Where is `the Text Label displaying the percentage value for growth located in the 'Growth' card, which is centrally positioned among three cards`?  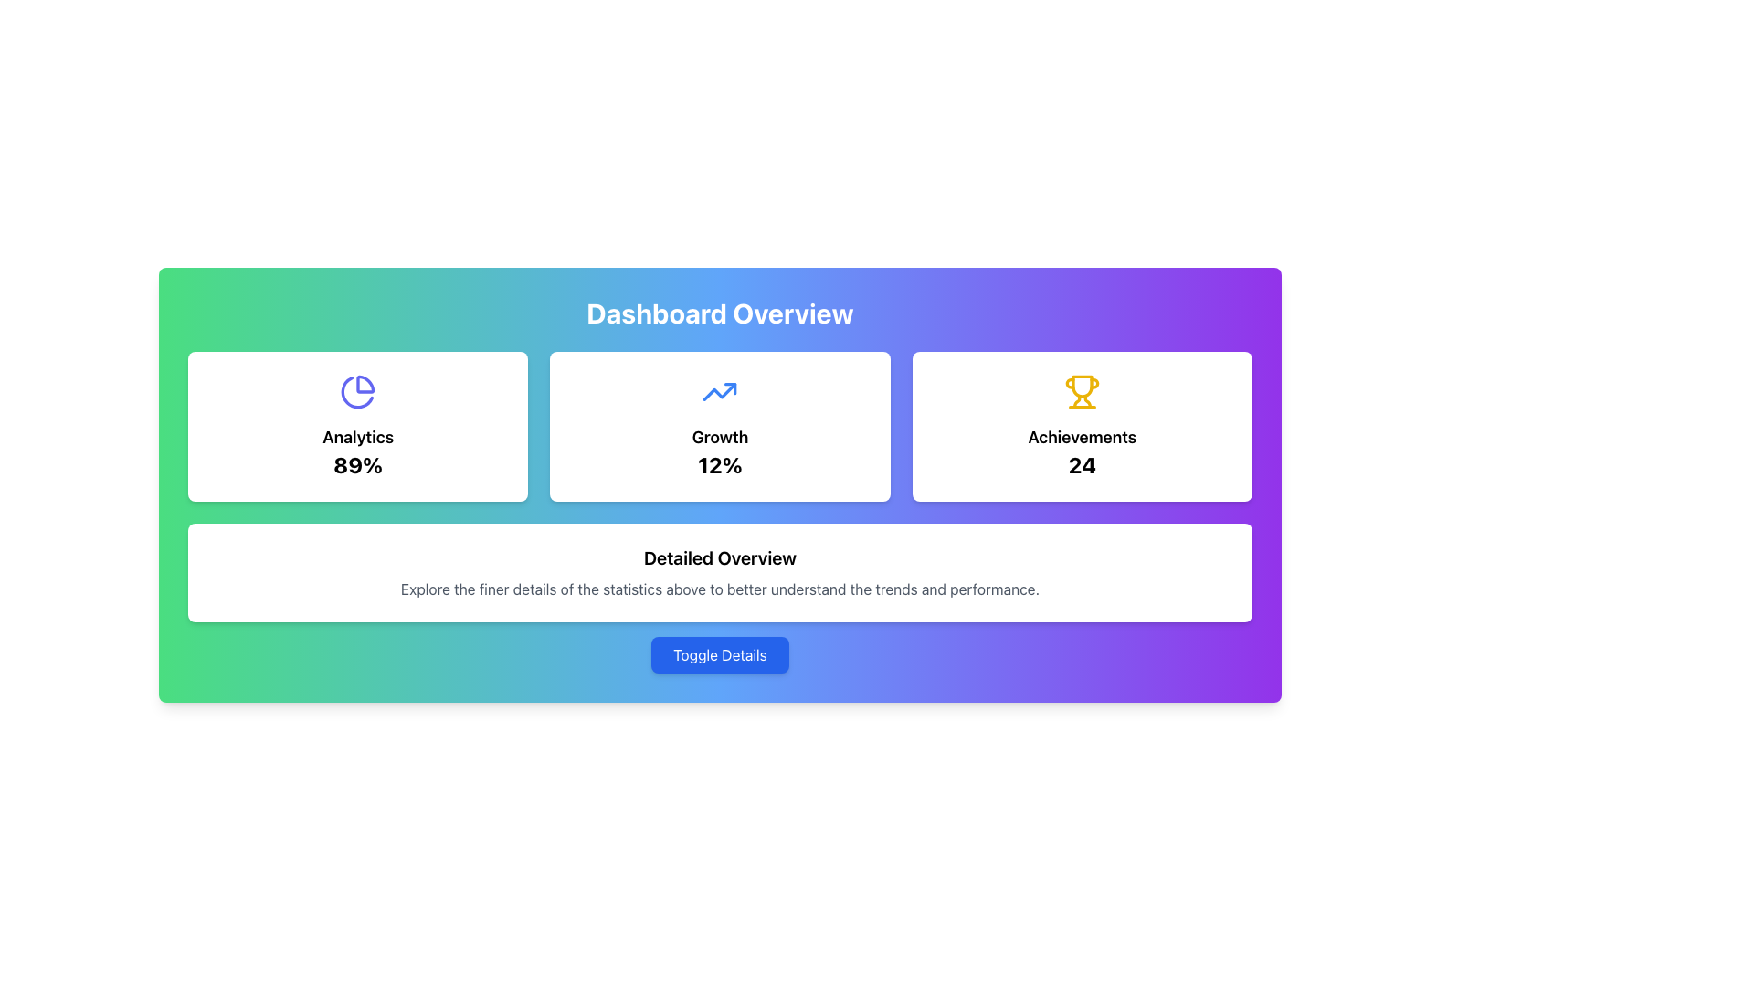
the Text Label displaying the percentage value for growth located in the 'Growth' card, which is centrally positioned among three cards is located at coordinates (719, 464).